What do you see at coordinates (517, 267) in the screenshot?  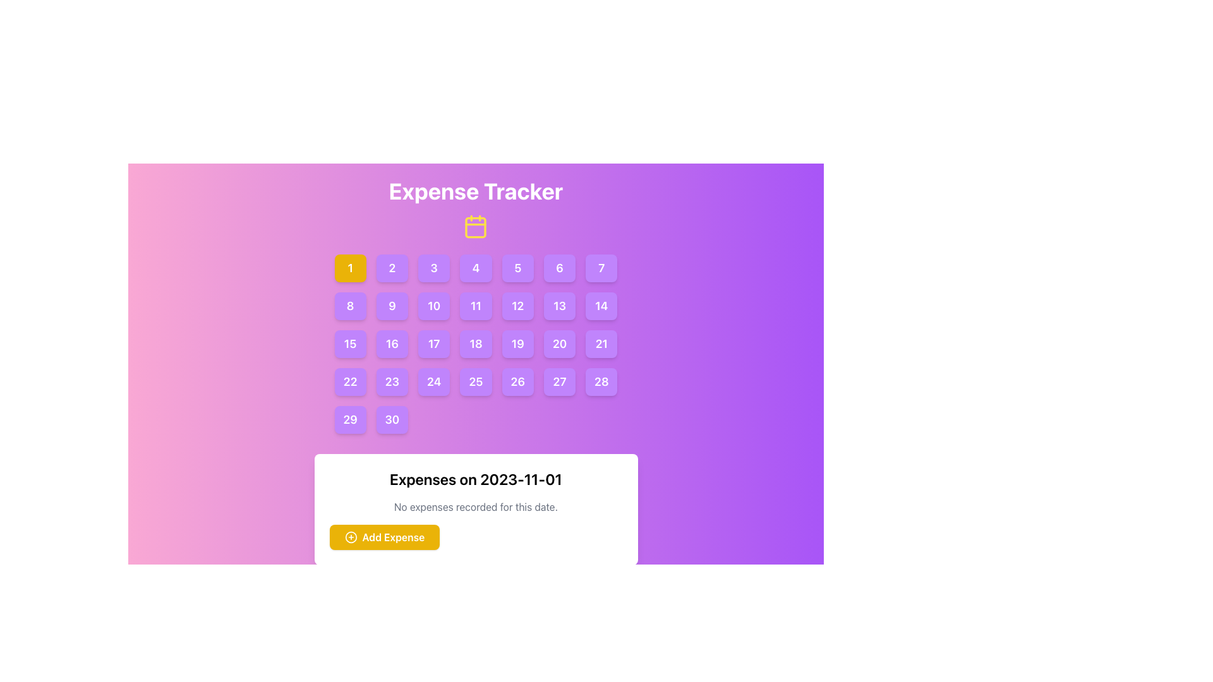 I see `the button marked '5' located centrally in the grid structure via keyboard navigation` at bounding box center [517, 267].